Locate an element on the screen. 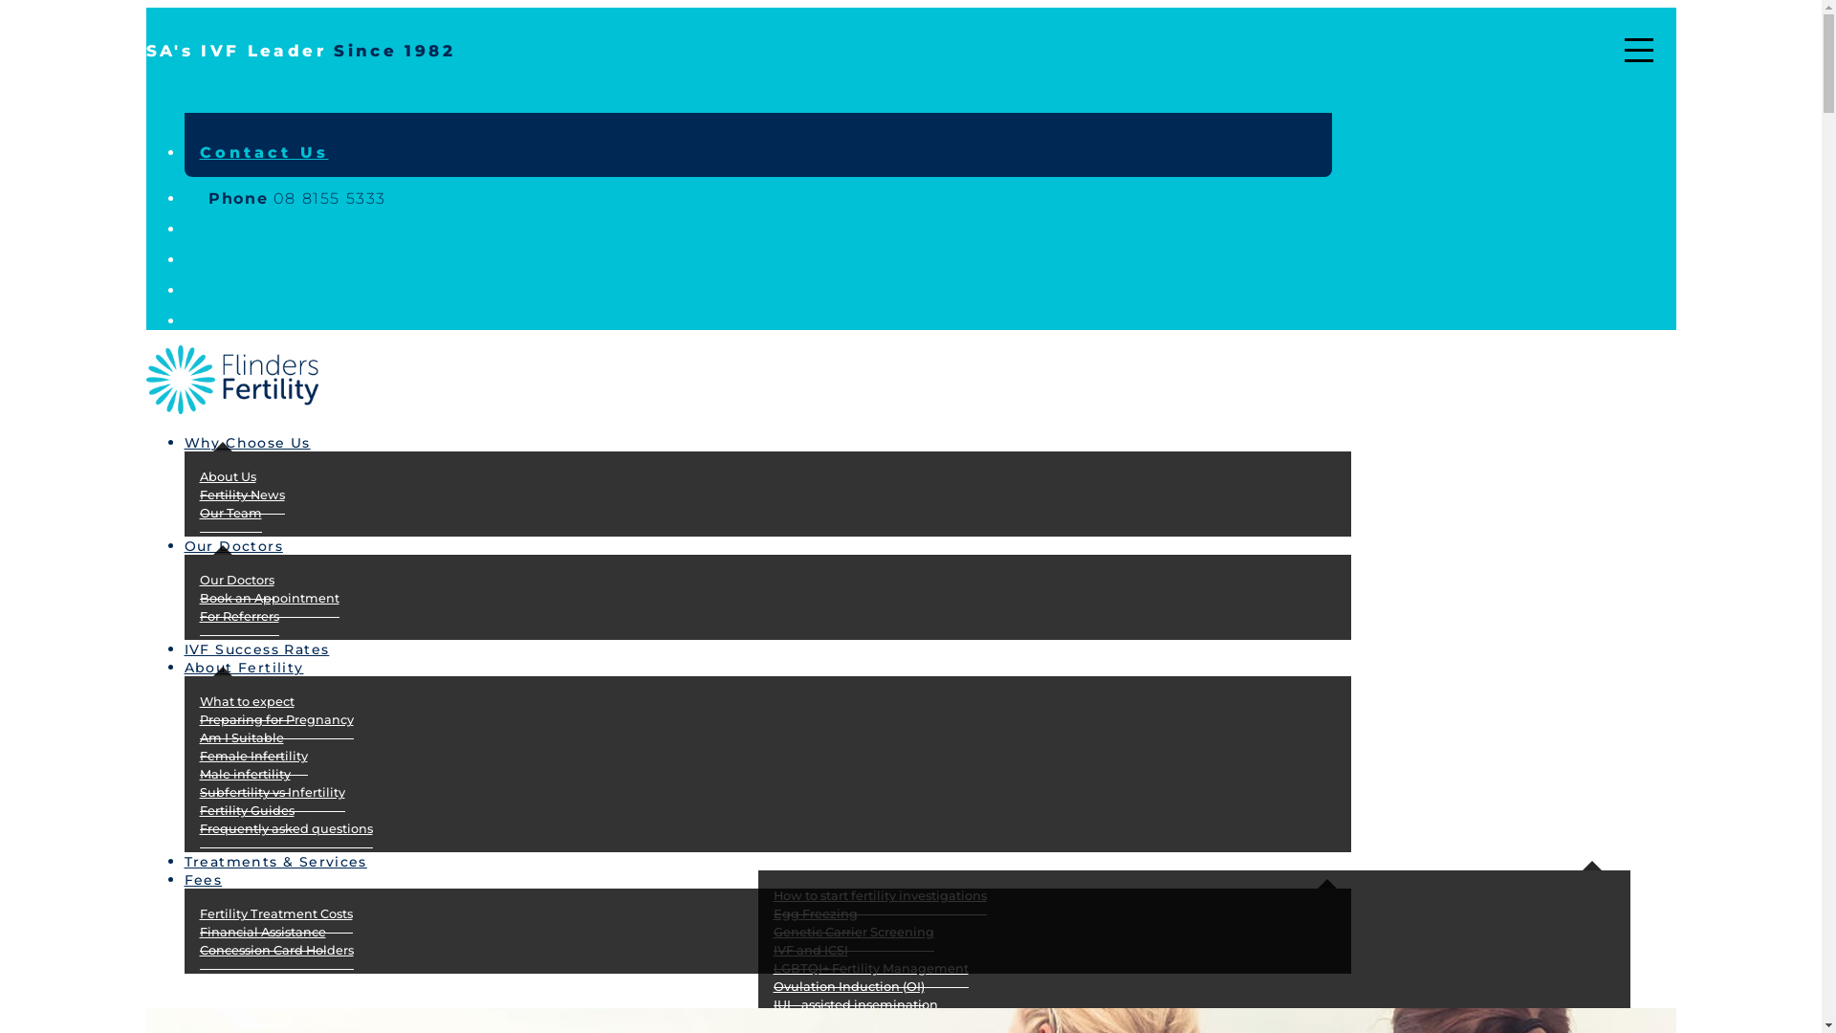  'How to start fertility investigations' is located at coordinates (878, 896).